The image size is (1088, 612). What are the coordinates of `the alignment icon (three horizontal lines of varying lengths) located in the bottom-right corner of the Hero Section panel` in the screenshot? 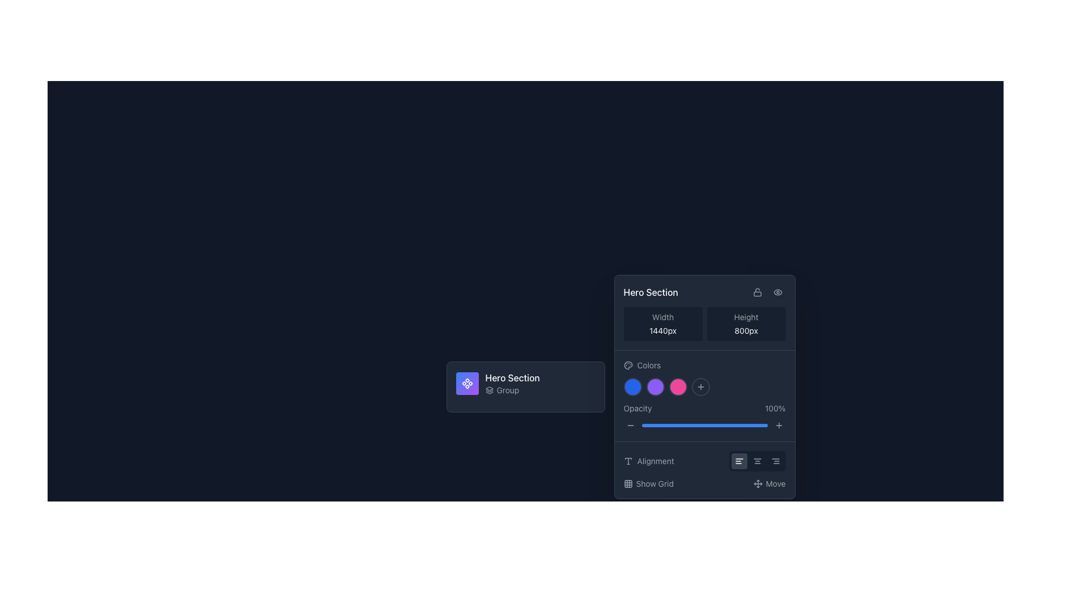 It's located at (775, 461).